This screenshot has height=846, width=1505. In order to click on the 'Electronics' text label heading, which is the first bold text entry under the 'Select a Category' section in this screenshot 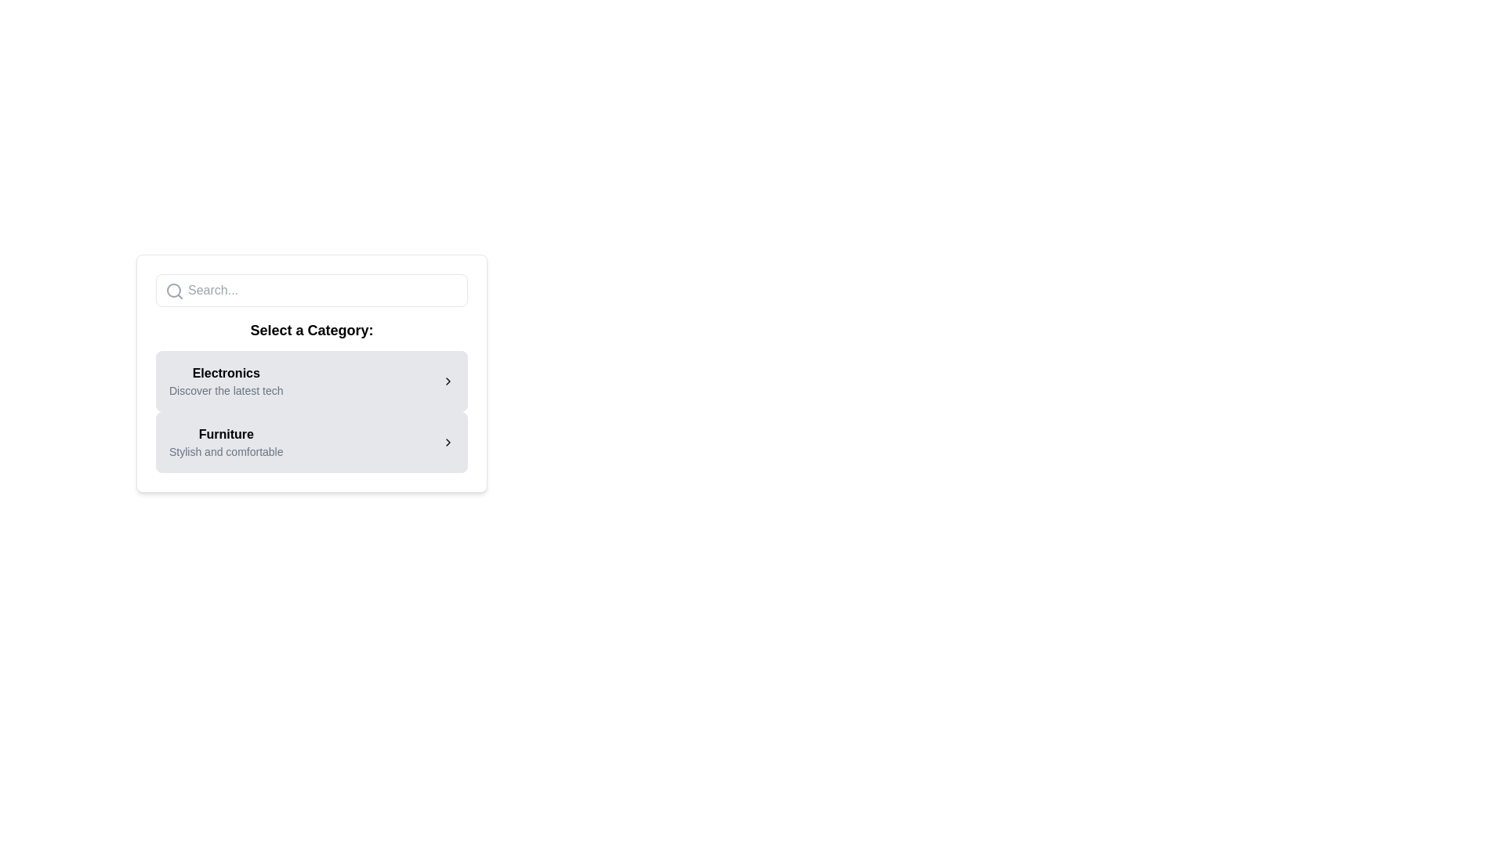, I will do `click(225, 374)`.